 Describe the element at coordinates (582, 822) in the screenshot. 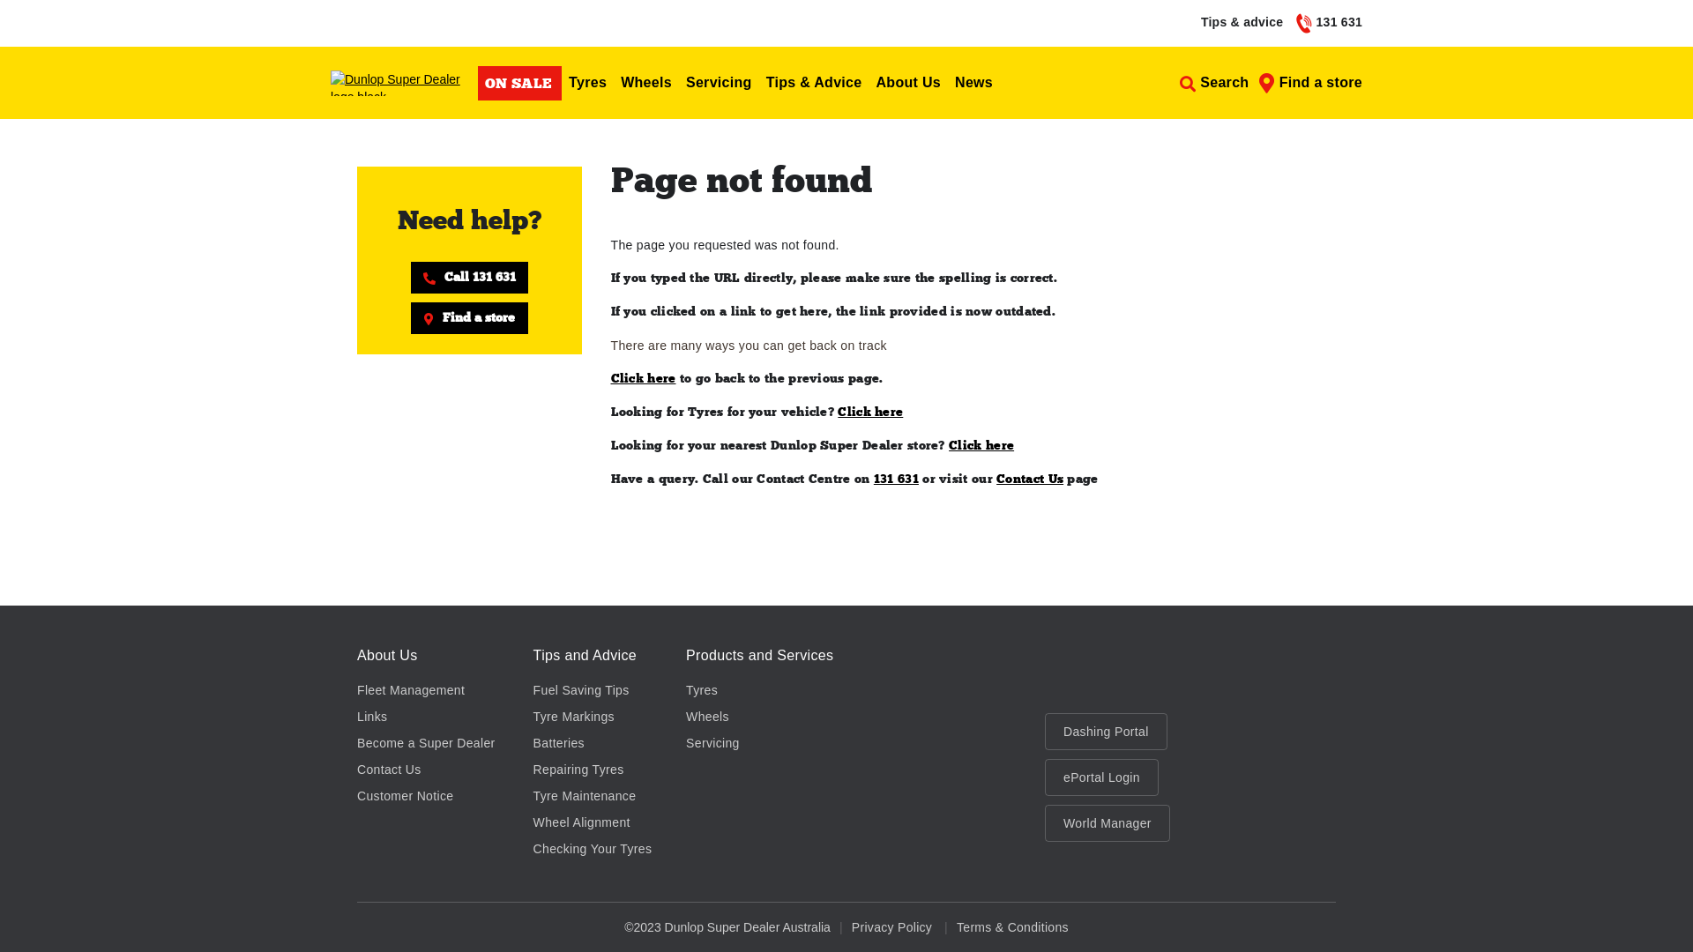

I see `'Wheel Alignment'` at that location.